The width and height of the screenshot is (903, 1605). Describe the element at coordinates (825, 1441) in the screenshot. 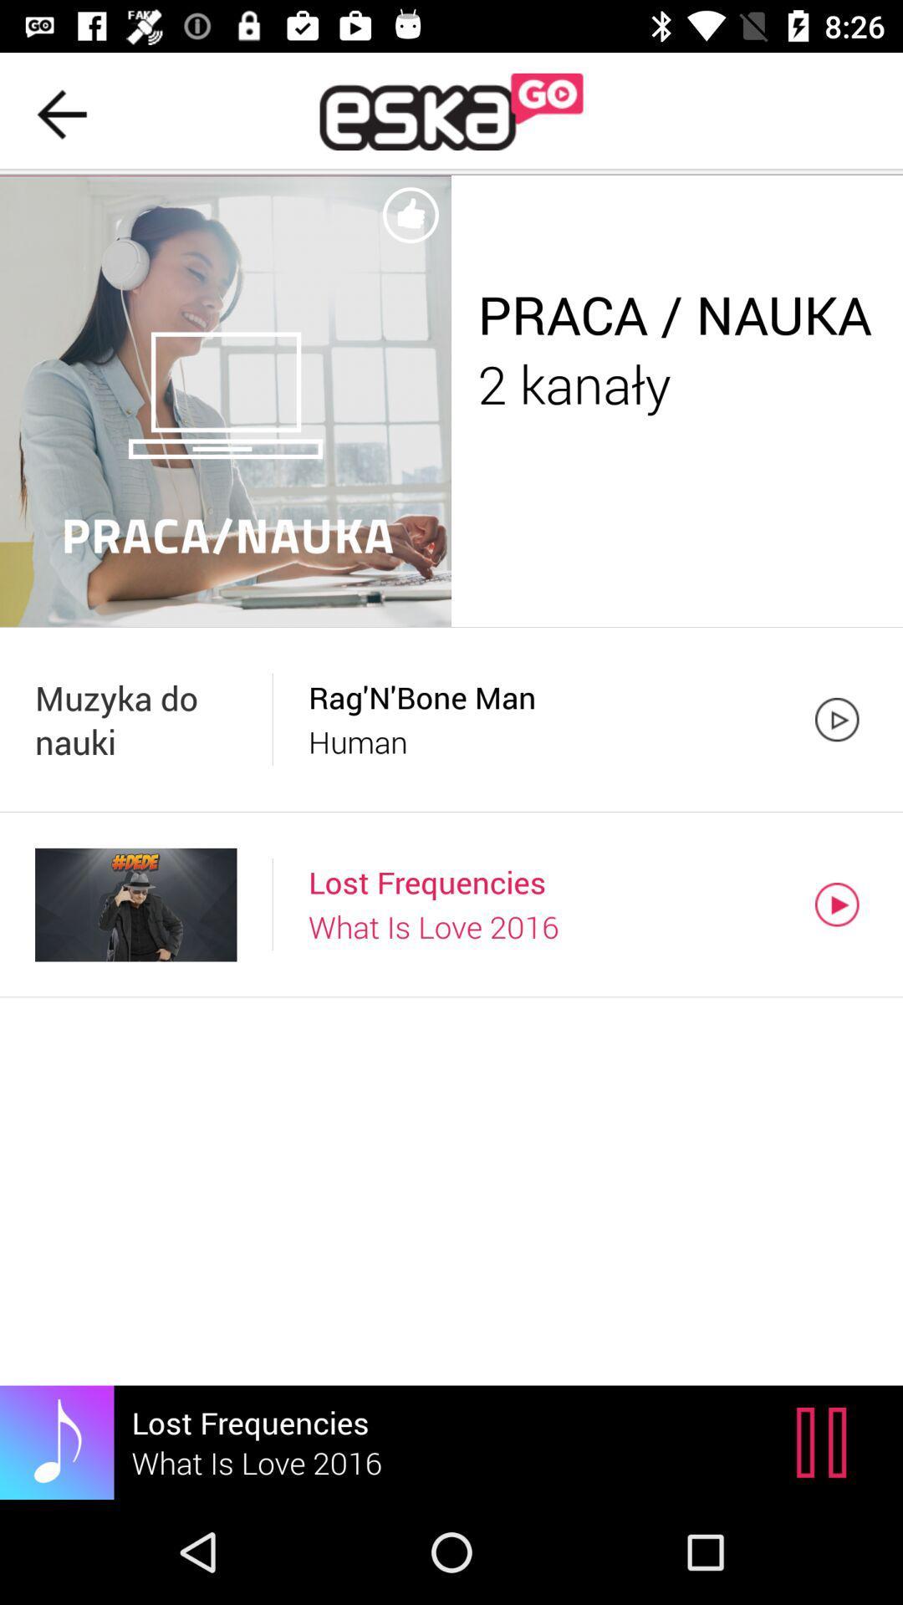

I see `icon to the right of the lost frequencies` at that location.